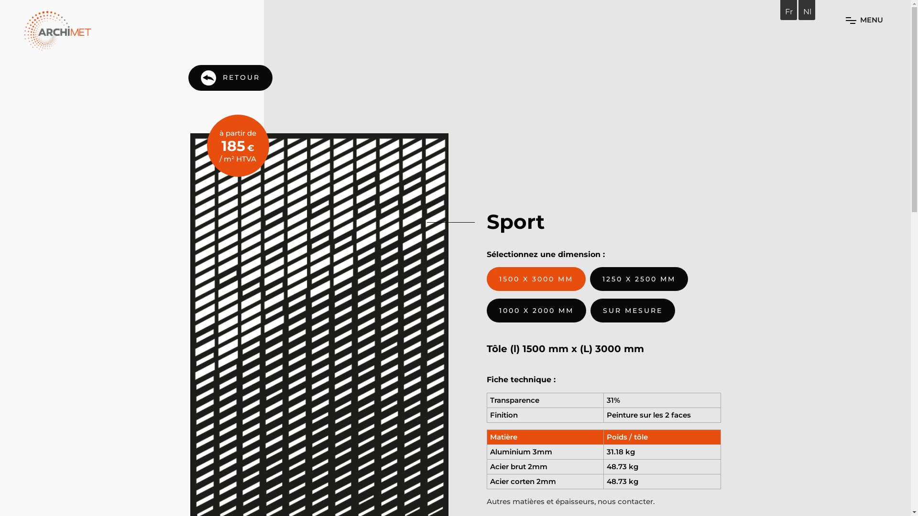  Describe the element at coordinates (789, 11) in the screenshot. I see `'Fr'` at that location.